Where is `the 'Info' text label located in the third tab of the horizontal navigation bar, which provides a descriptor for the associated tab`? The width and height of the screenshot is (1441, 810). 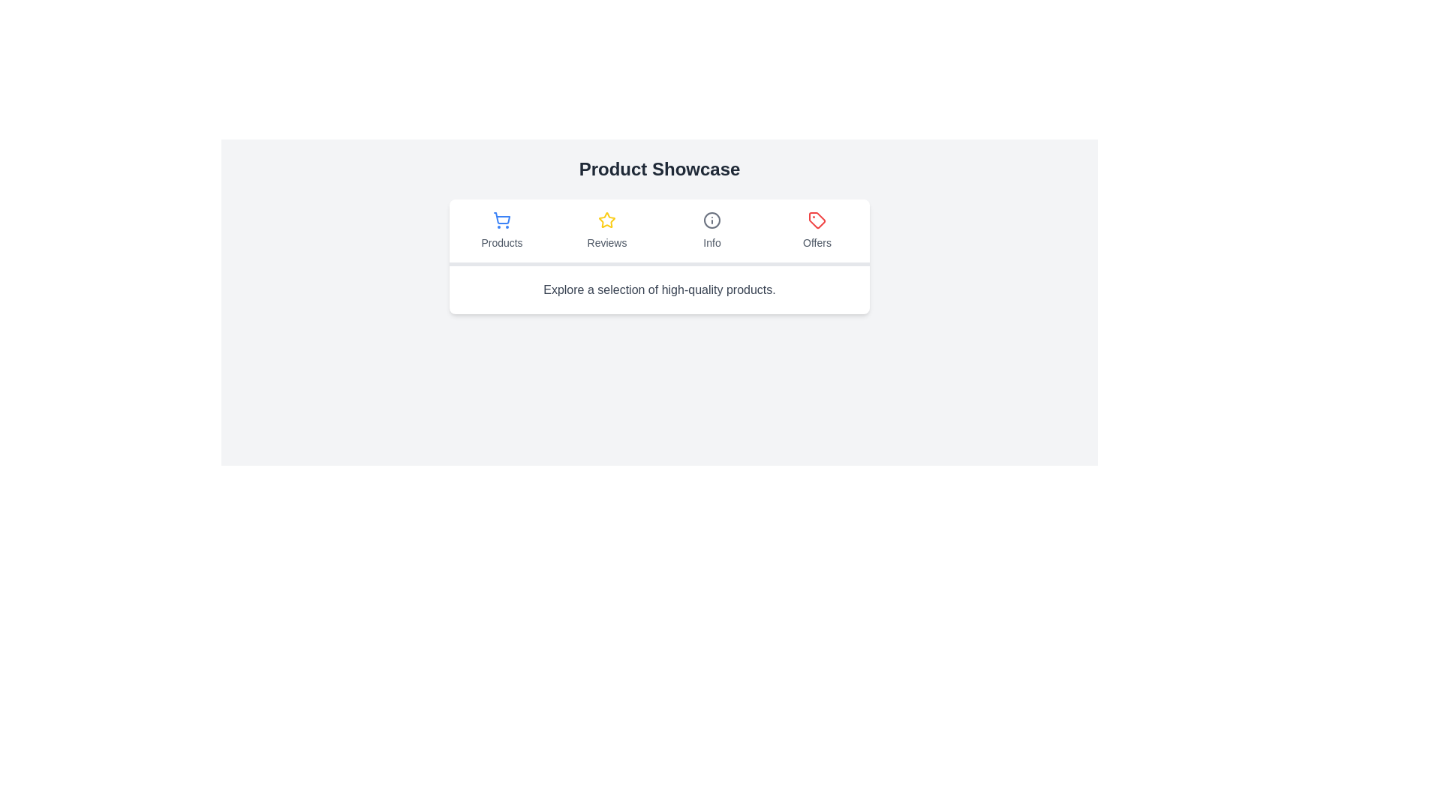 the 'Info' text label located in the third tab of the horizontal navigation bar, which provides a descriptor for the associated tab is located at coordinates (711, 242).